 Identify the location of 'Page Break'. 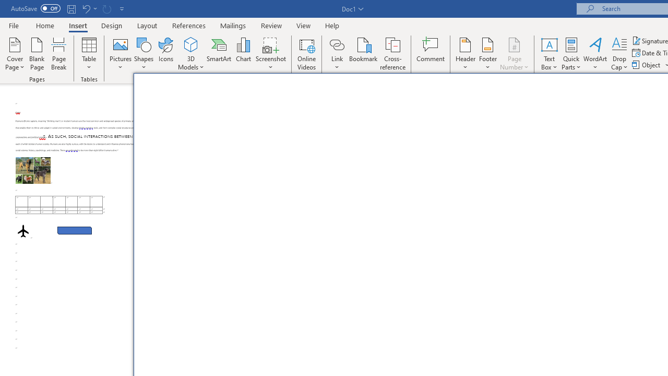
(58, 54).